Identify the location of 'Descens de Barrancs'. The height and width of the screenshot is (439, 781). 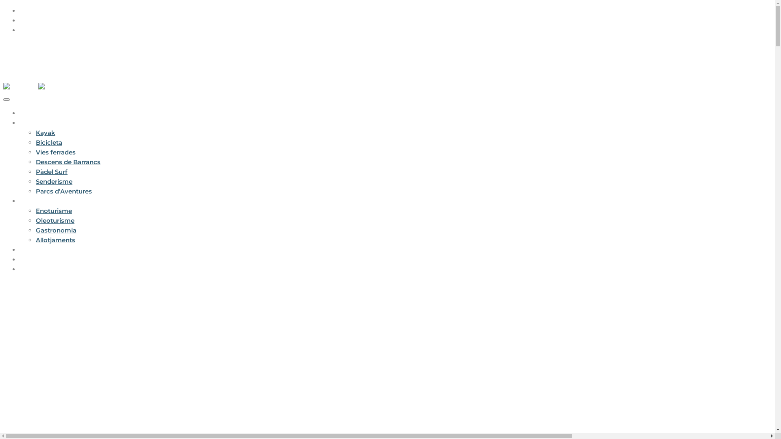
(68, 162).